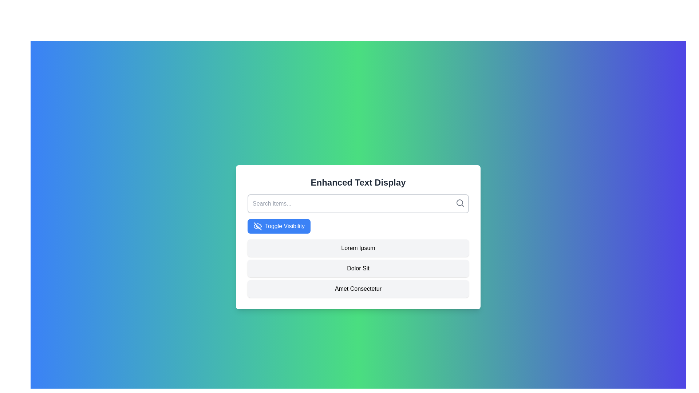 The image size is (699, 393). What do you see at coordinates (279, 226) in the screenshot?
I see `the 'Toggle Visibility' button with a blue background and white text` at bounding box center [279, 226].